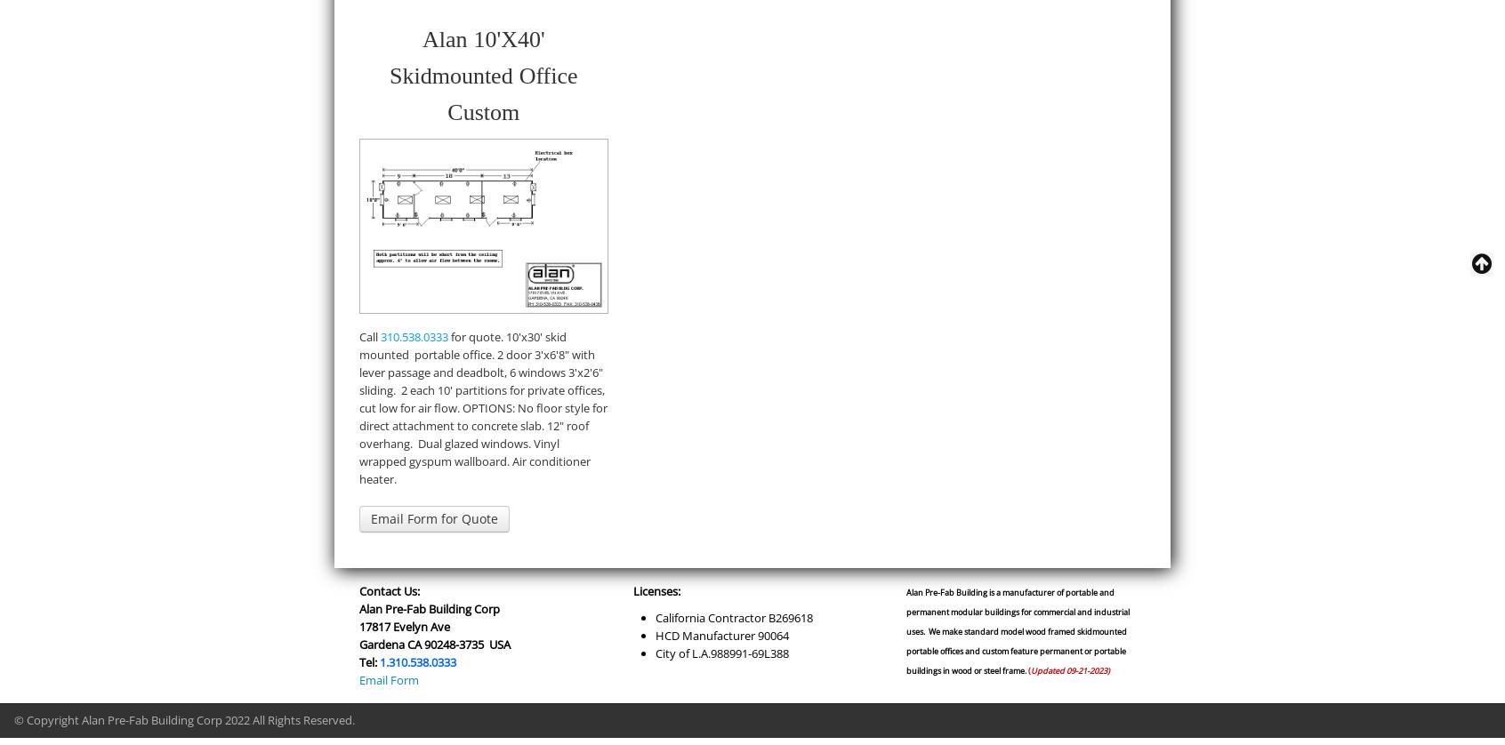 This screenshot has height=745, width=1505. What do you see at coordinates (1028, 669) in the screenshot?
I see `'('` at bounding box center [1028, 669].